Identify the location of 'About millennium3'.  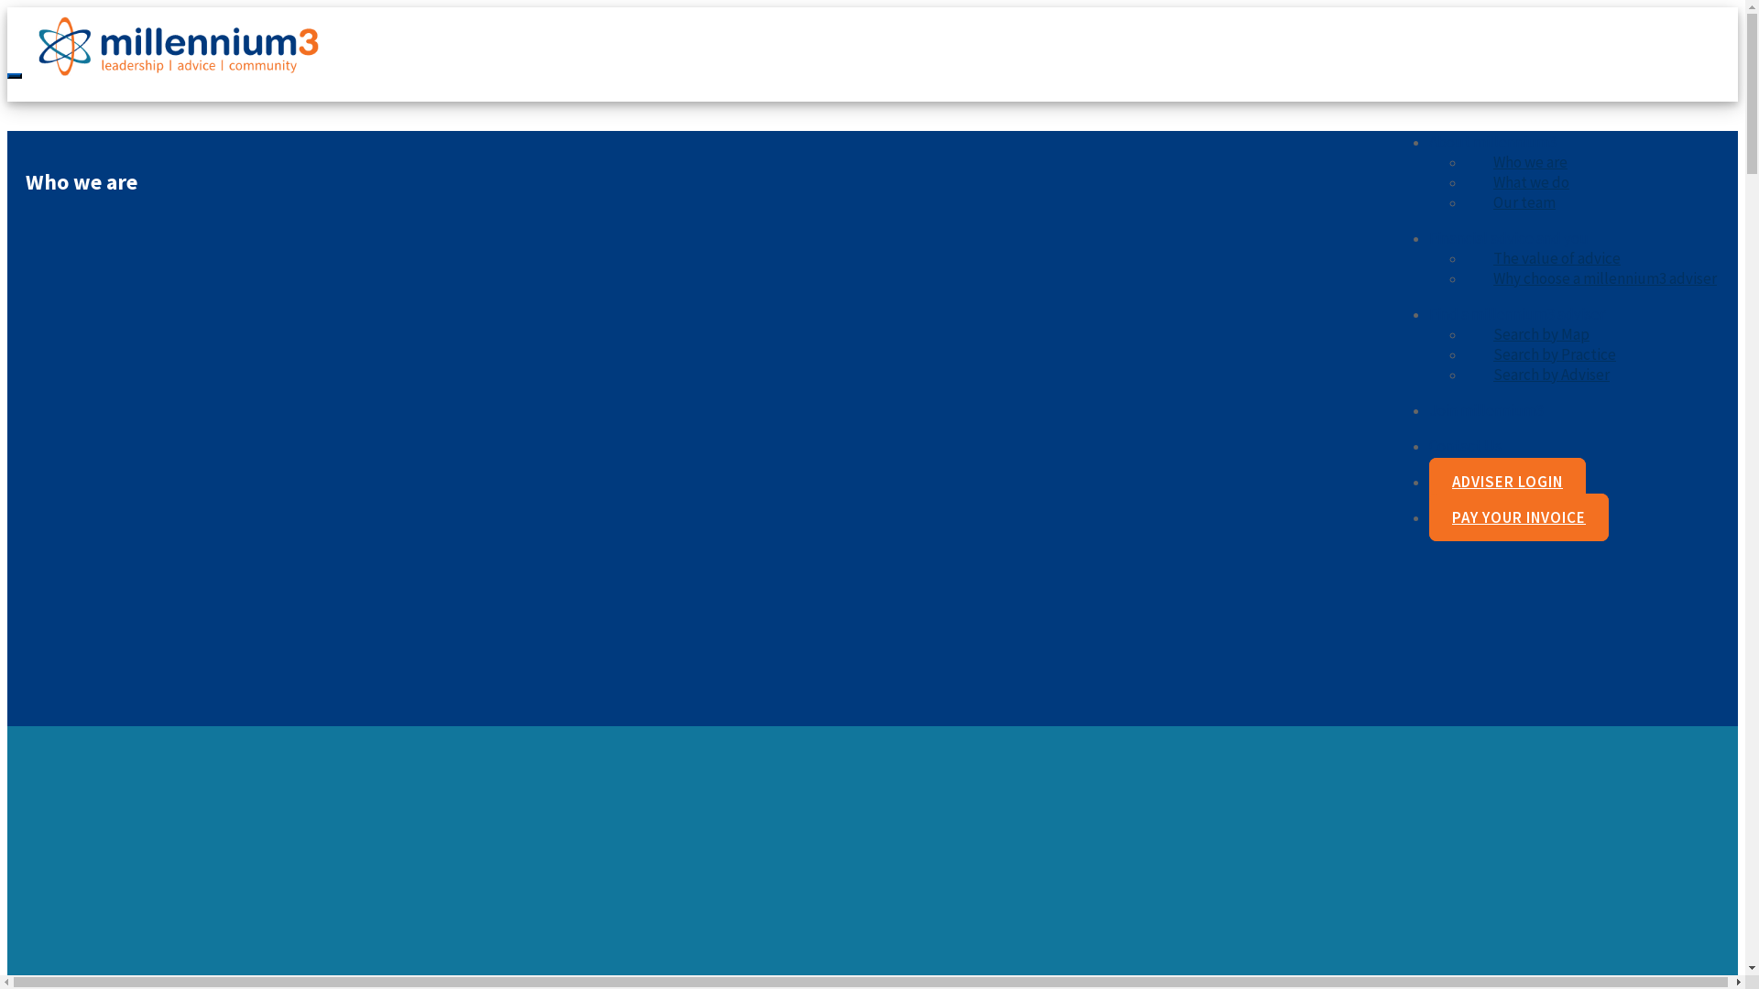
(1492, 140).